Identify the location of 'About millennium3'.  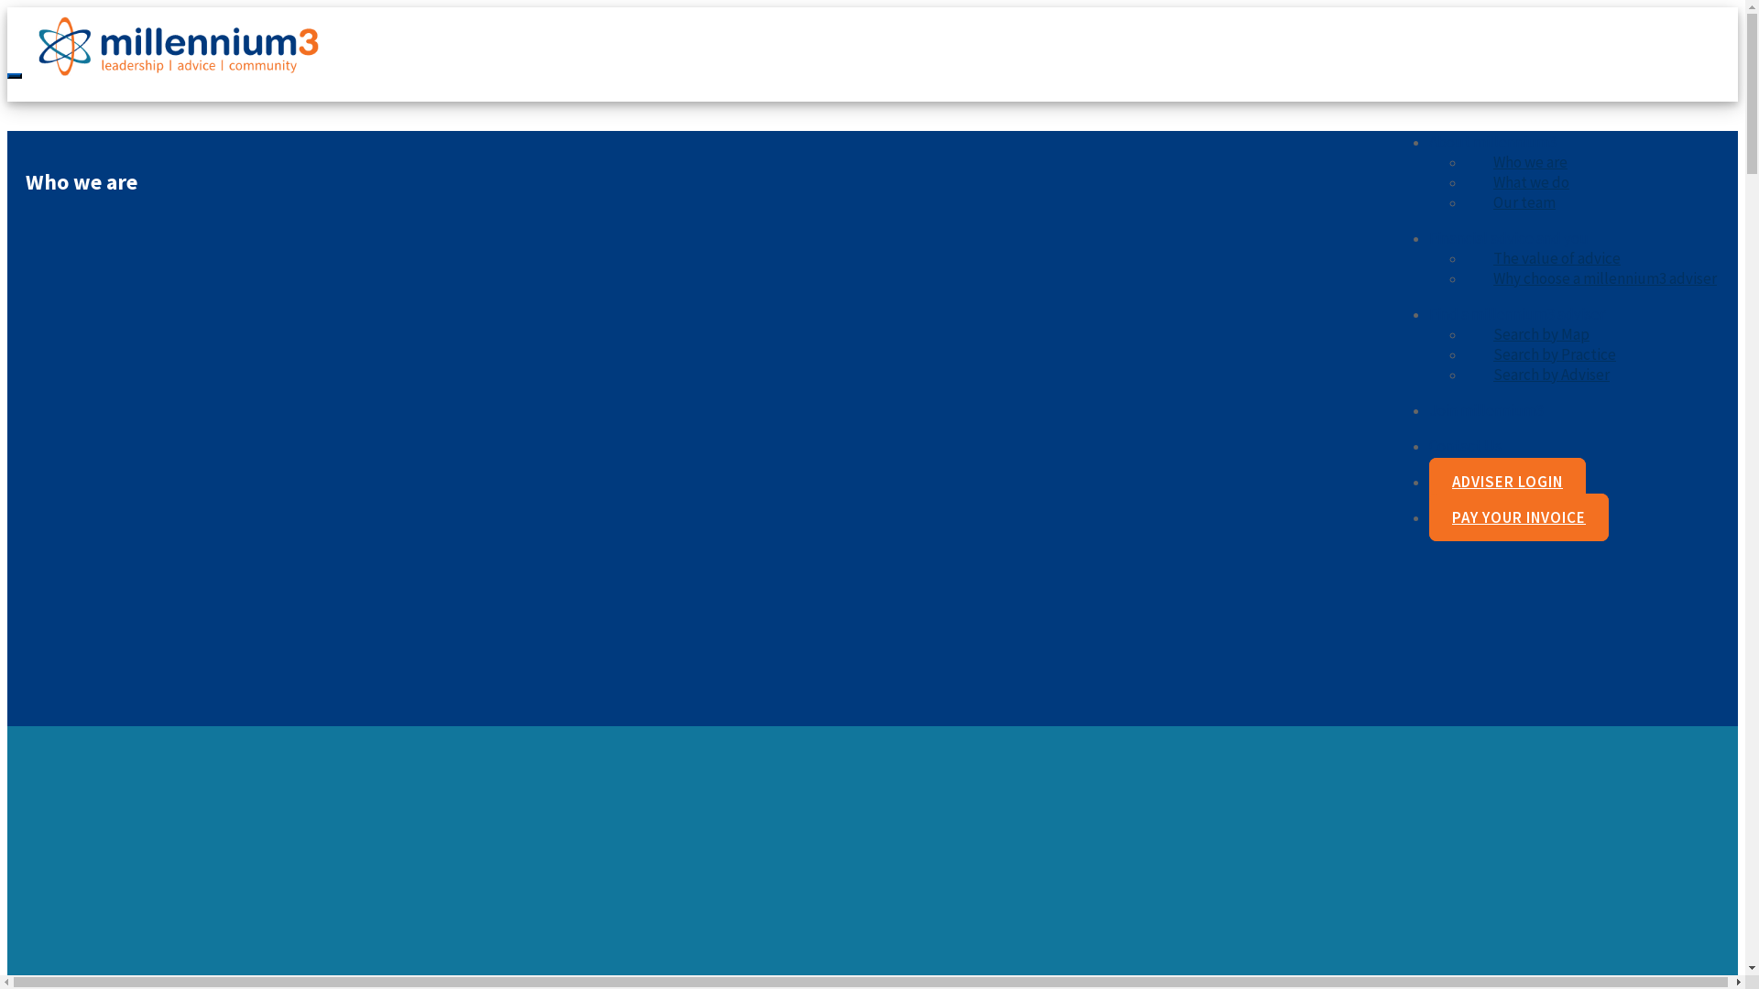
(1492, 140).